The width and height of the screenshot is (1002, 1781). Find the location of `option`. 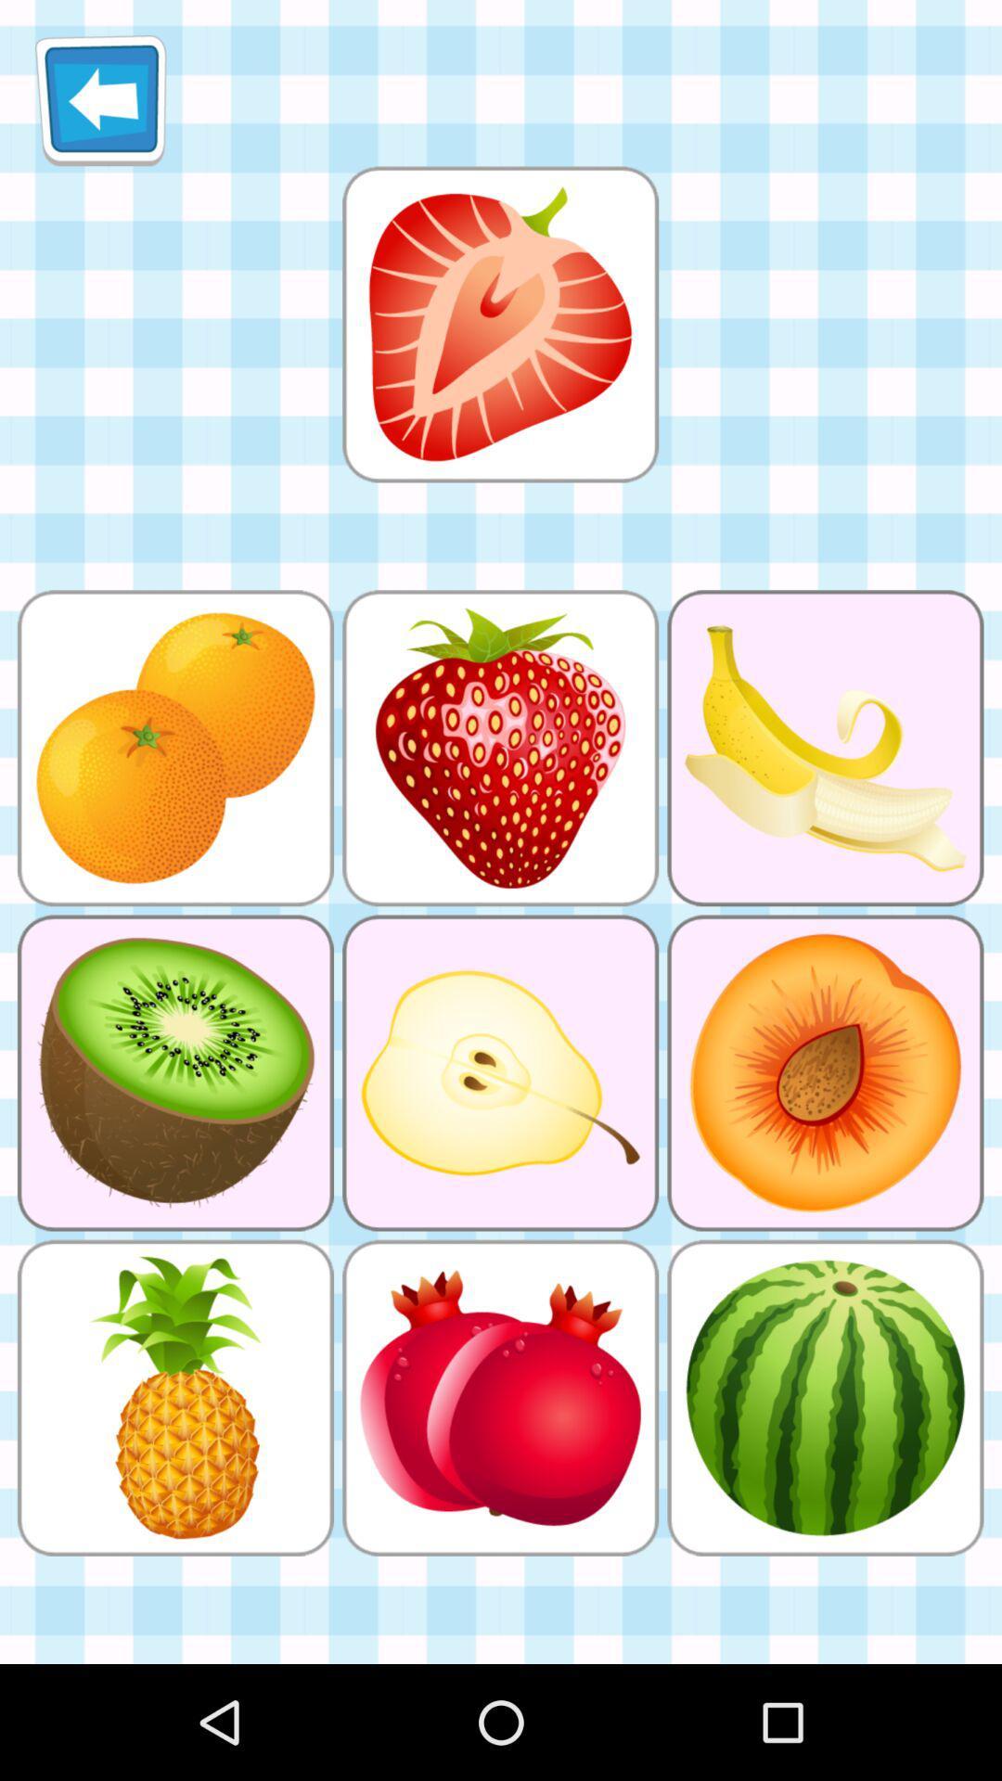

option is located at coordinates (499, 324).